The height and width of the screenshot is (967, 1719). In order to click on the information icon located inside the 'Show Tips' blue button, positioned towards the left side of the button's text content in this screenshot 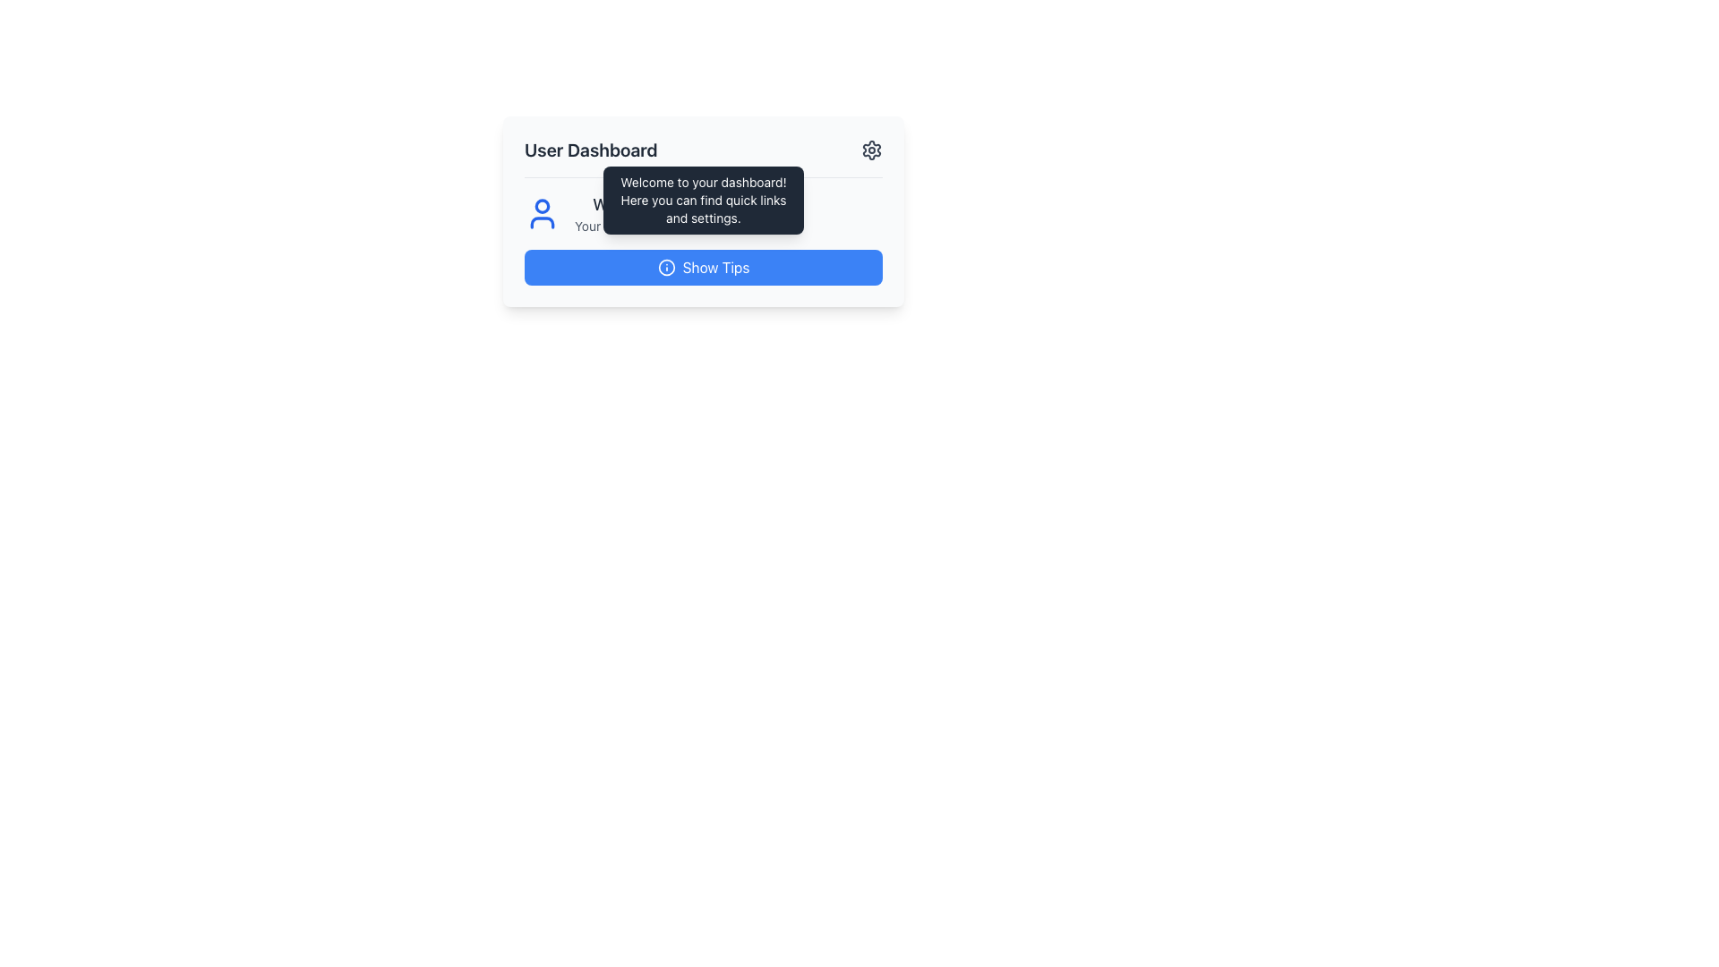, I will do `click(665, 268)`.